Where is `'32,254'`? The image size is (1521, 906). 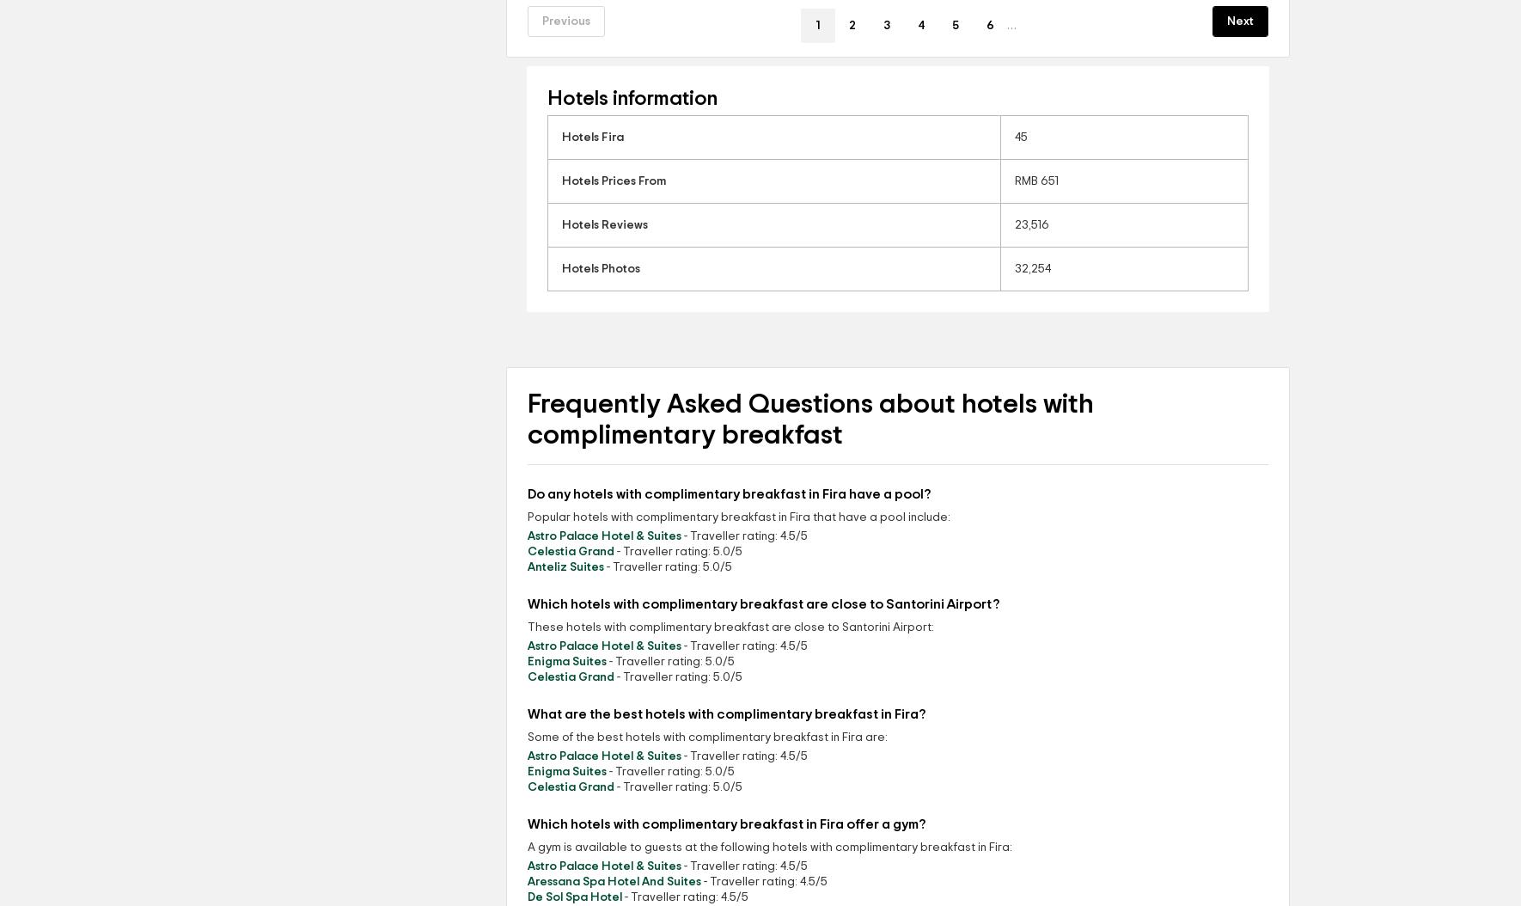 '32,254' is located at coordinates (1032, 268).